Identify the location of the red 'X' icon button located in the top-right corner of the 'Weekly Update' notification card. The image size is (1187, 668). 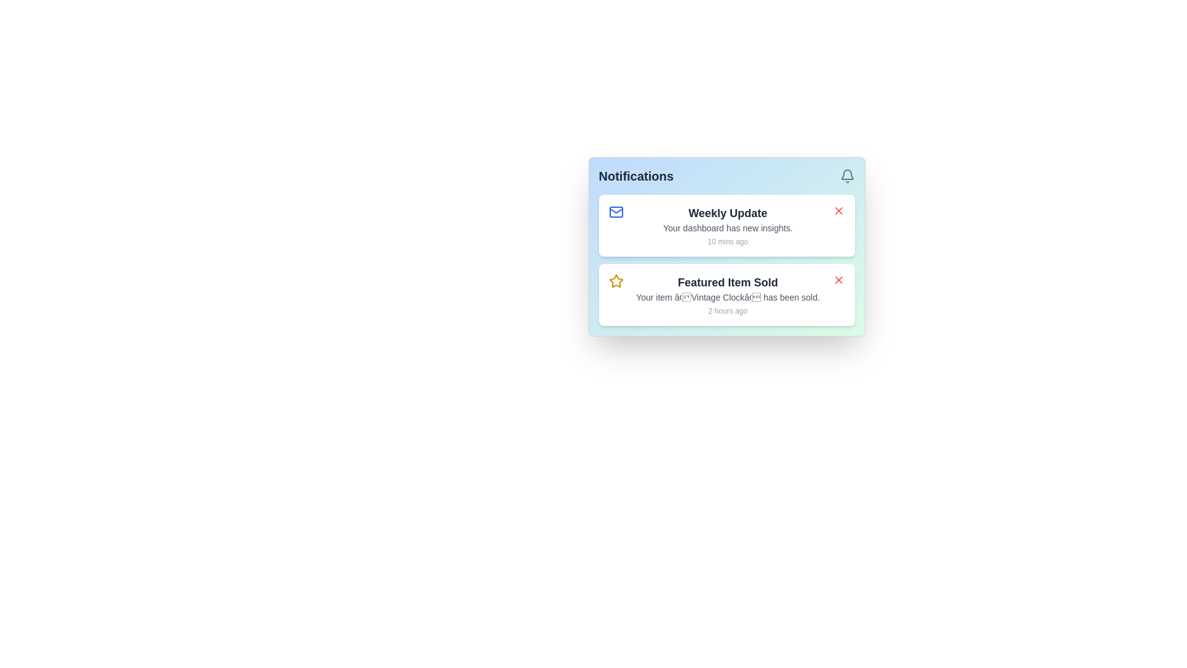
(838, 210).